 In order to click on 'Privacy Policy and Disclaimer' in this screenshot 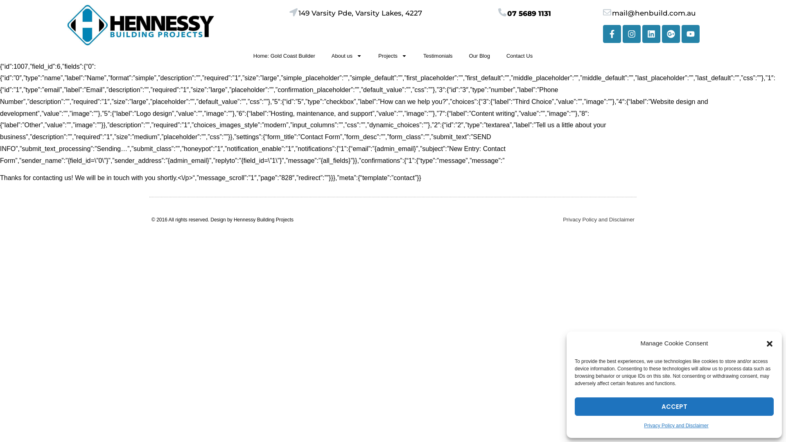, I will do `click(599, 219)`.